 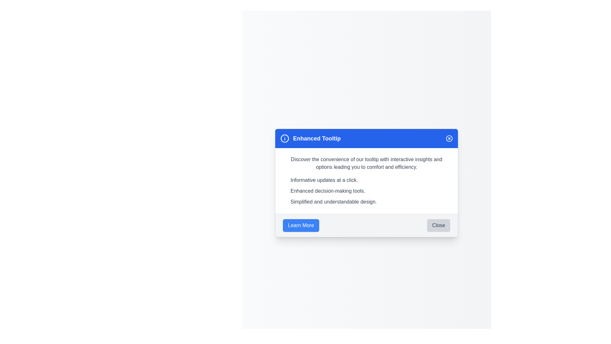 I want to click on the 'Enhanced Tooltip' text with the information icon, located in the blue header area of the card, so click(x=310, y=138).